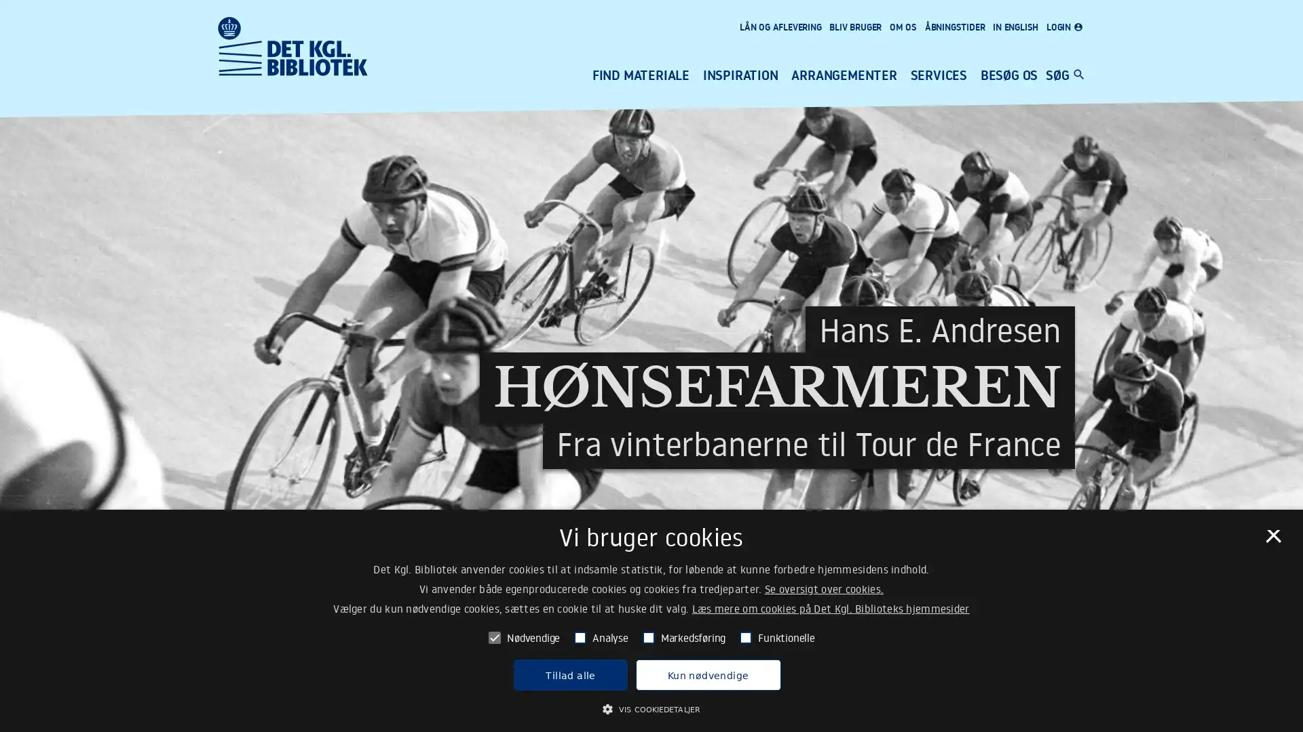 Image resolution: width=1303 pixels, height=732 pixels. I want to click on Close, so click(1272, 540).